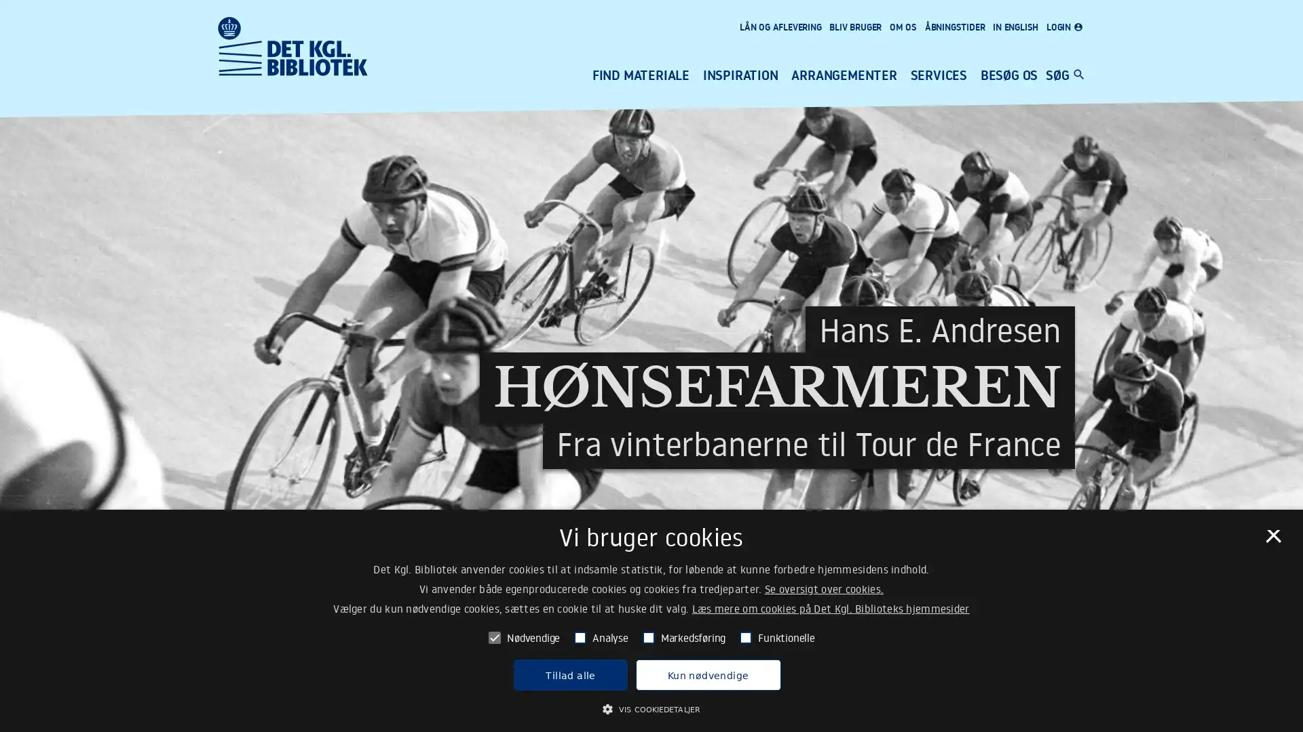 Image resolution: width=1303 pixels, height=732 pixels. I want to click on Close, so click(1272, 540).